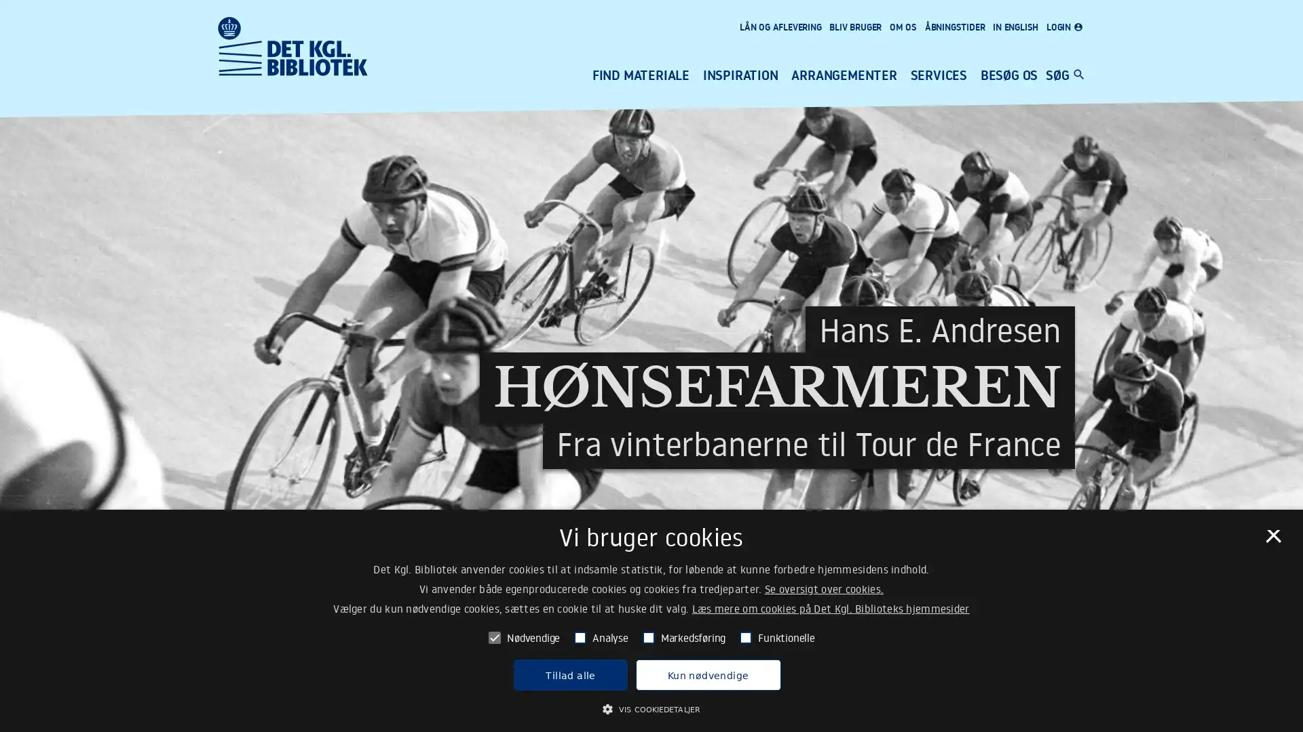 Image resolution: width=1303 pixels, height=732 pixels. I want to click on Close, so click(1272, 540).